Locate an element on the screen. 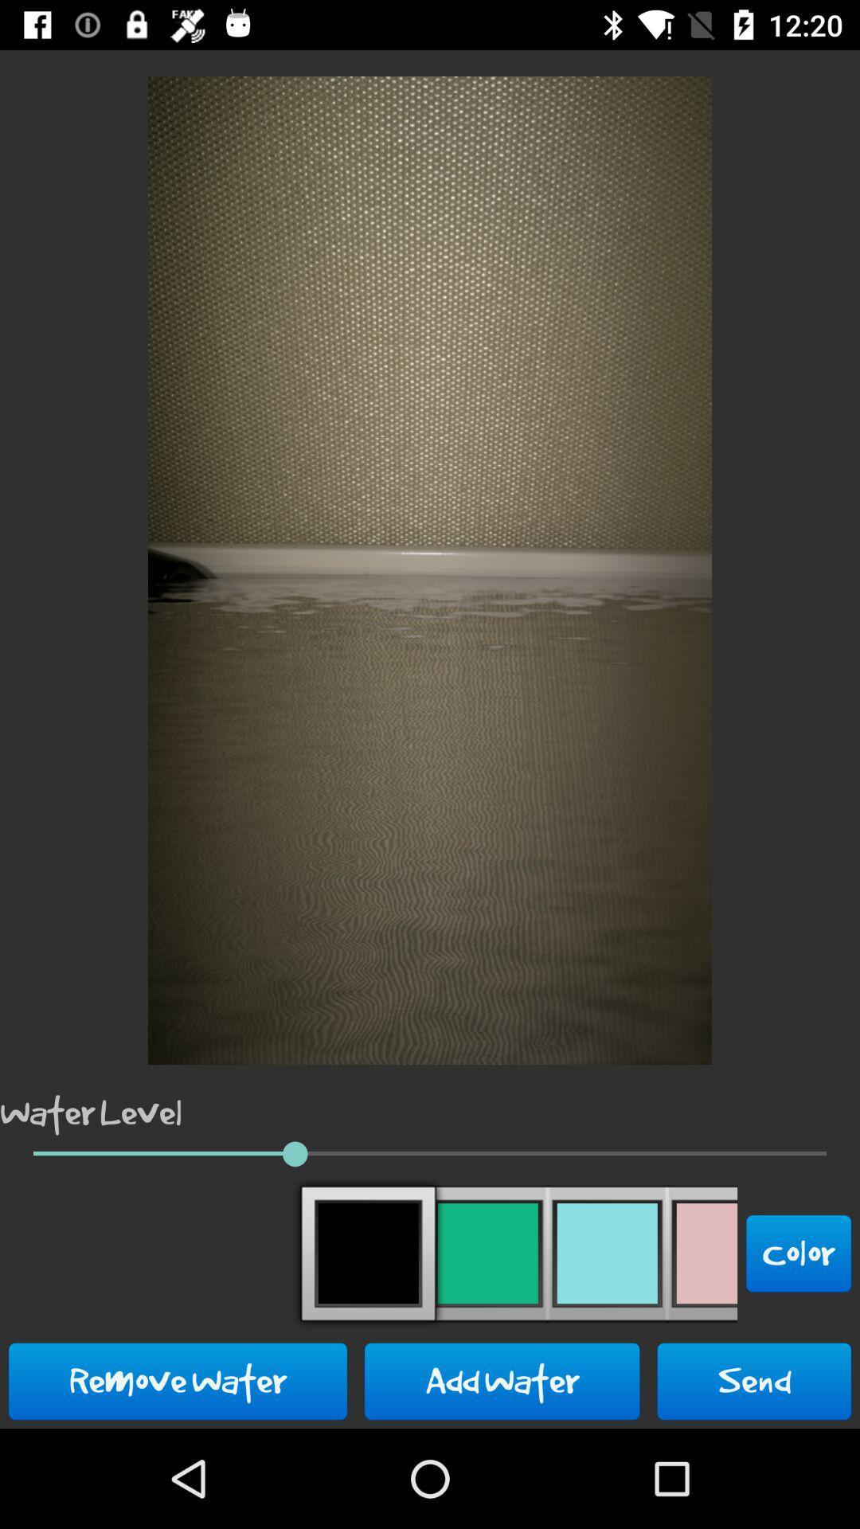  the button to the left of the send button is located at coordinates (502, 1380).